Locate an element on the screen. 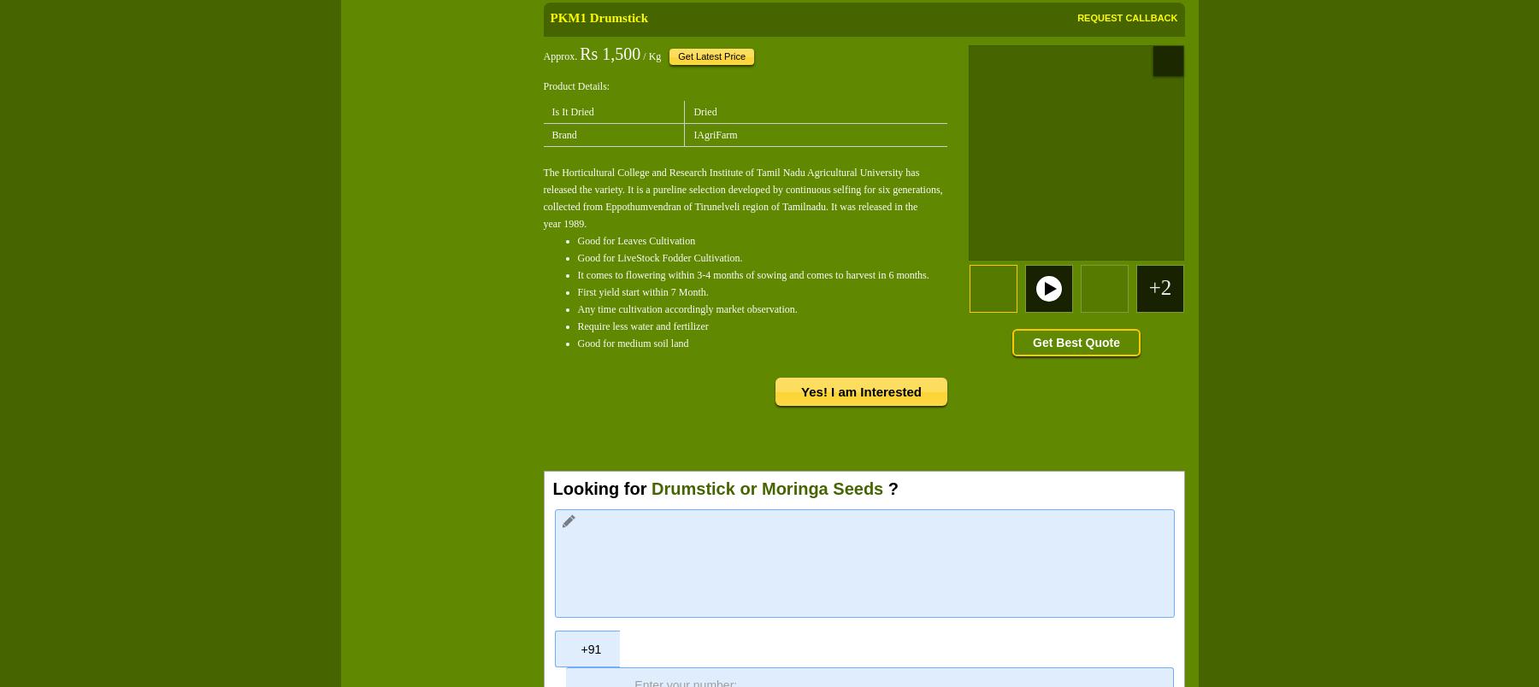  'Brand' is located at coordinates (563, 133).